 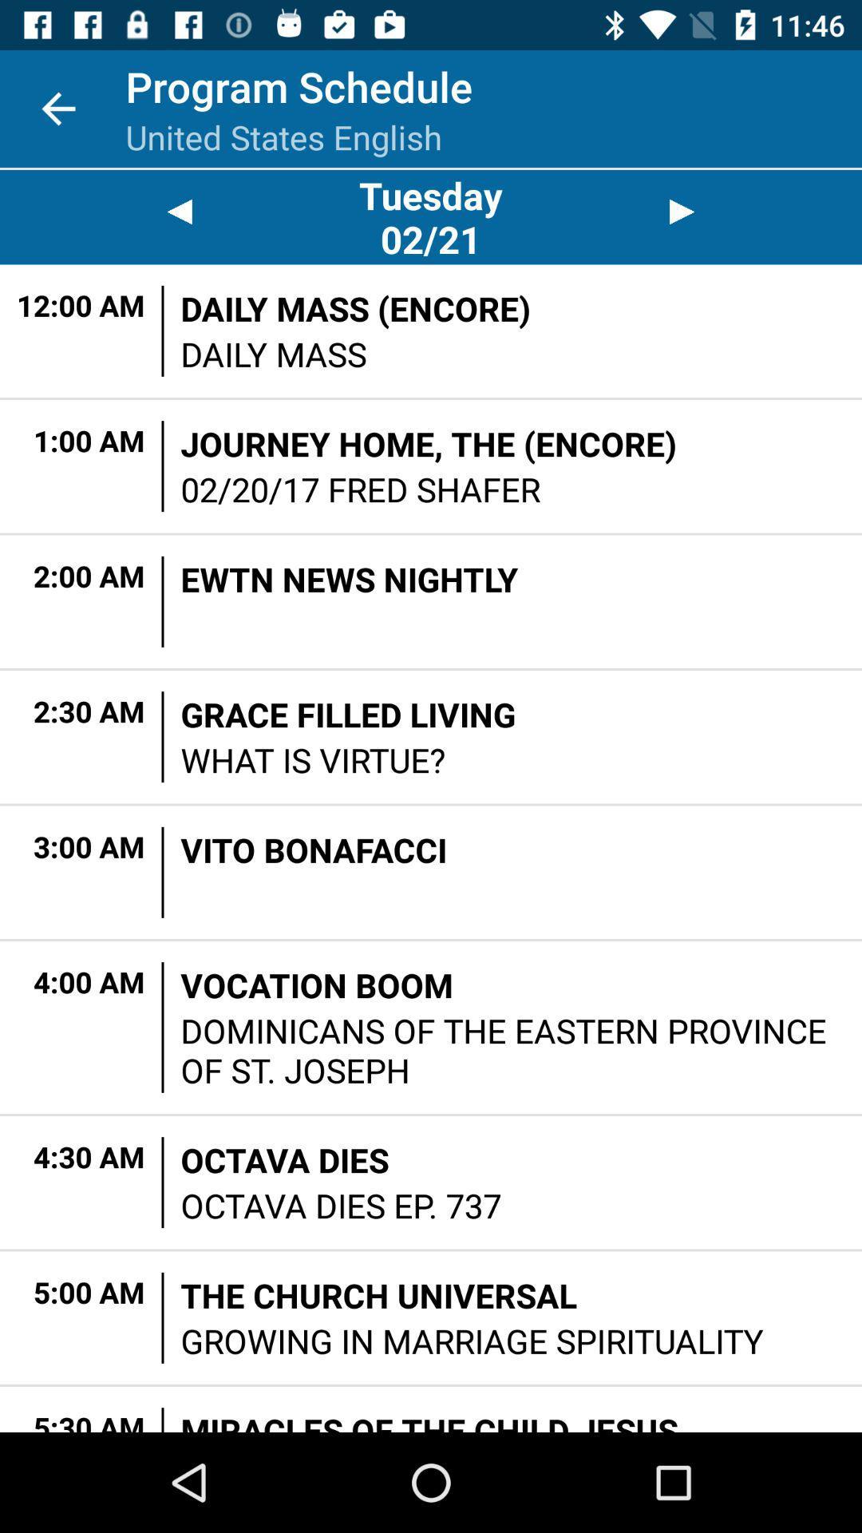 I want to click on the icon below daily mass, so click(x=428, y=443).